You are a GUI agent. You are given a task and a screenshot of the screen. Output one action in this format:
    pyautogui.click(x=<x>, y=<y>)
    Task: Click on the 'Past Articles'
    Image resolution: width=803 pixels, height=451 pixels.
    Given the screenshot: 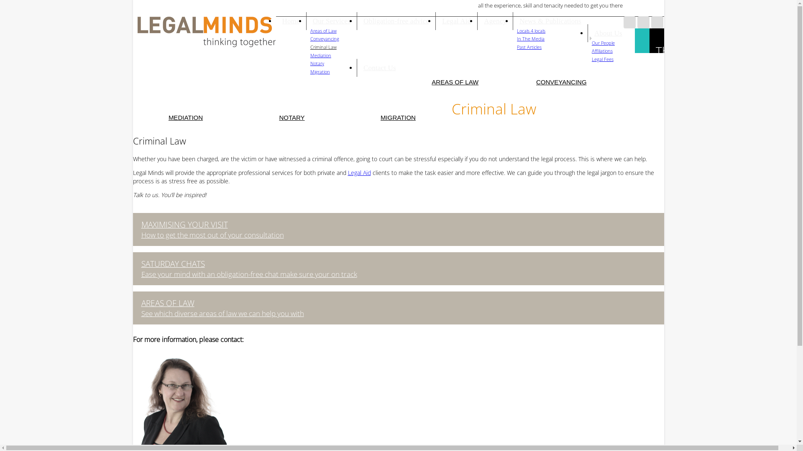 What is the action you would take?
    pyautogui.click(x=512, y=47)
    